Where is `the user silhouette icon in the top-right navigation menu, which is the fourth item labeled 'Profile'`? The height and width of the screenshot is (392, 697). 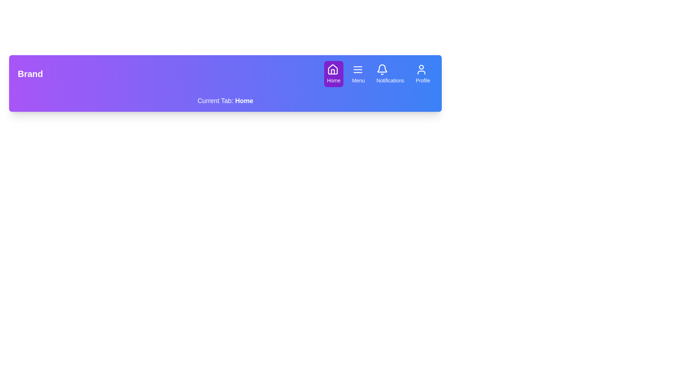
the user silhouette icon in the top-right navigation menu, which is the fourth item labeled 'Profile' is located at coordinates (421, 70).